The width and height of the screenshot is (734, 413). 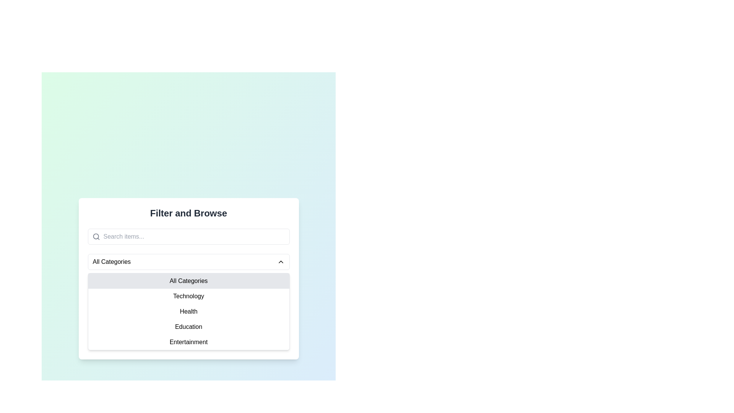 I want to click on the 'Entertainment' text label in the dropdown menu, so click(x=188, y=341).